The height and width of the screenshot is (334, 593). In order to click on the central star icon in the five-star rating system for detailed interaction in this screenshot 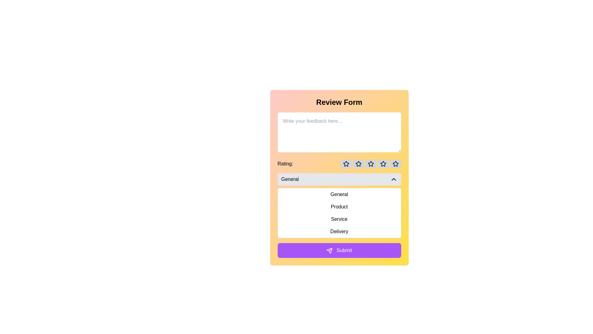, I will do `click(371, 163)`.